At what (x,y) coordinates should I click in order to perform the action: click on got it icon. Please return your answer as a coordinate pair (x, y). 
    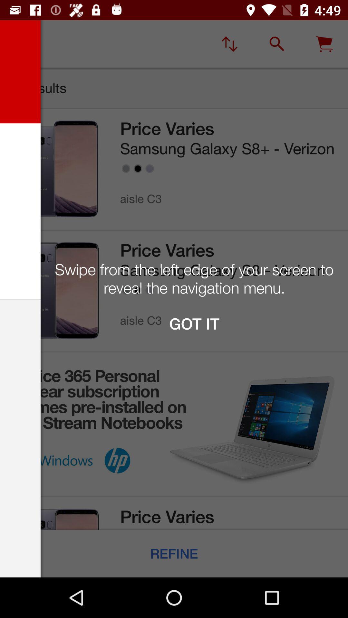
    Looking at the image, I should click on (194, 324).